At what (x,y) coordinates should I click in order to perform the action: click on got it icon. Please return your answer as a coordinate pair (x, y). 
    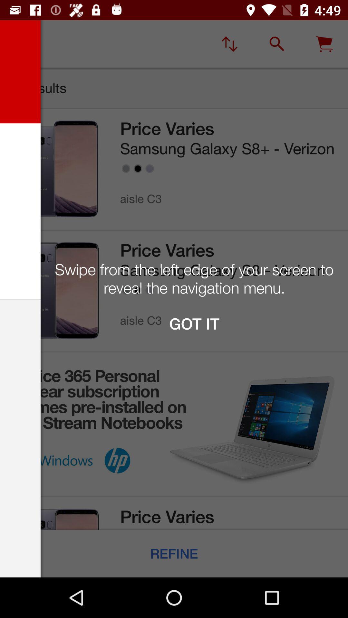
    Looking at the image, I should click on (194, 324).